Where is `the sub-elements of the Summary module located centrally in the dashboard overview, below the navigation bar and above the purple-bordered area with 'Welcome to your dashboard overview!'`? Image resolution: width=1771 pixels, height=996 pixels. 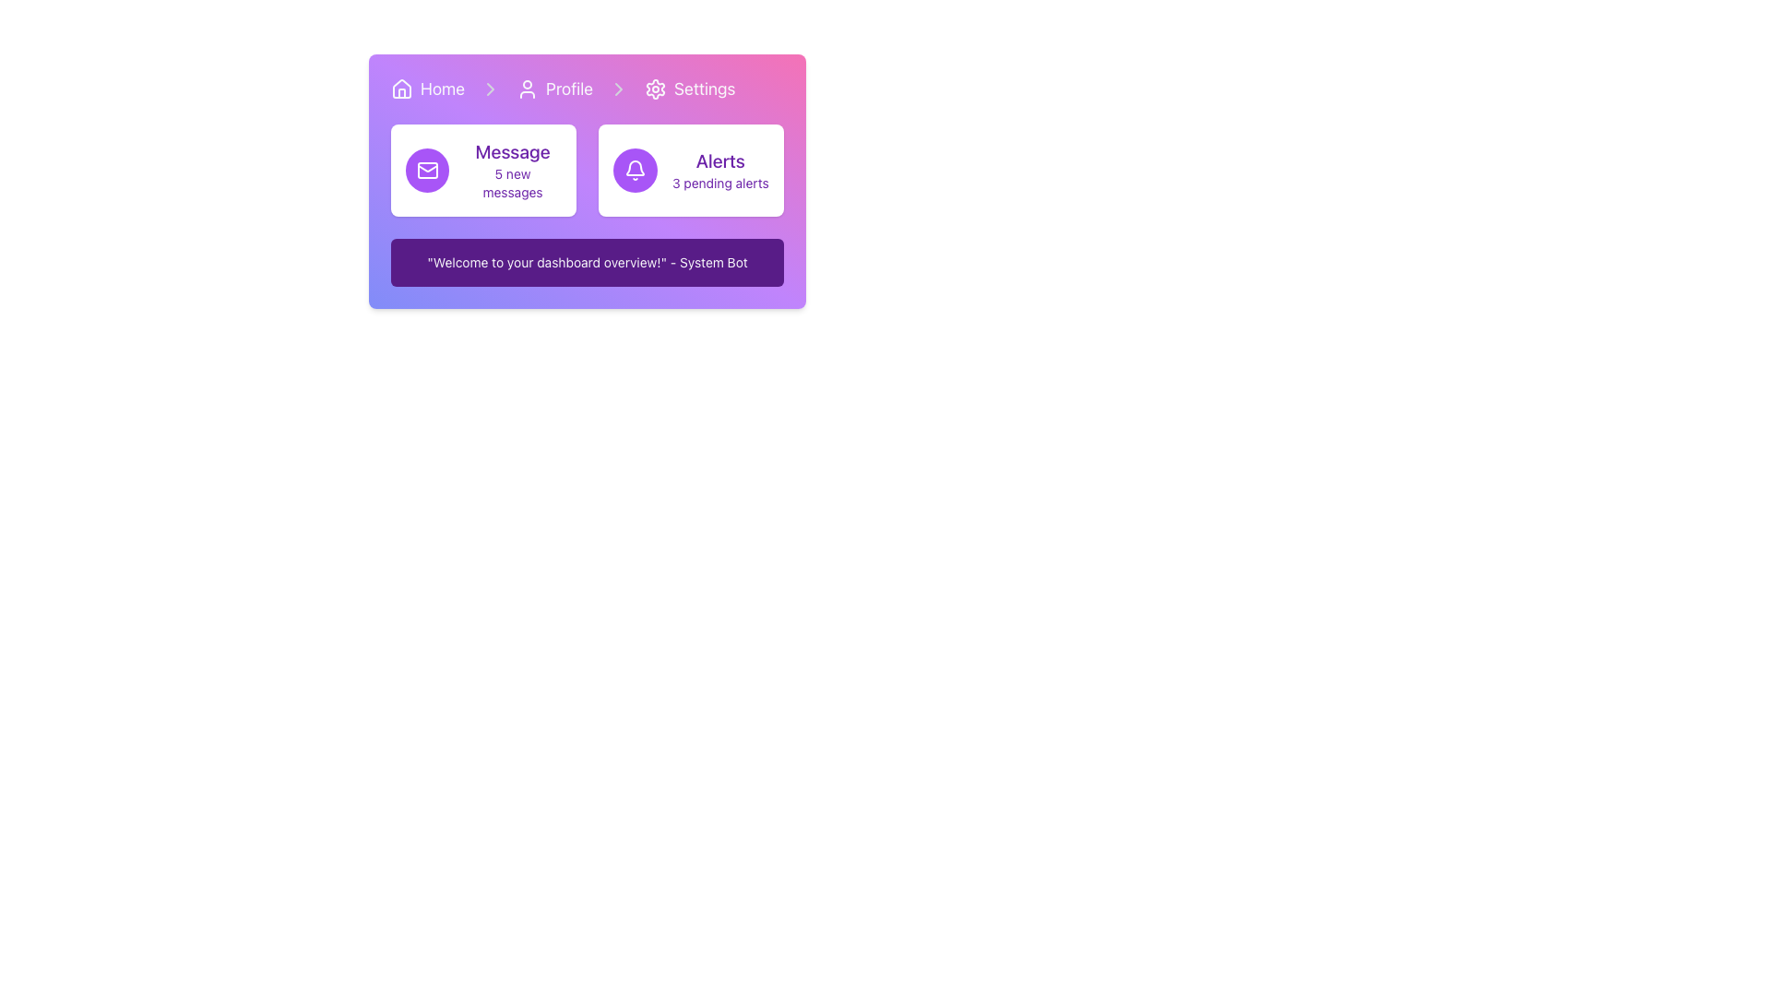
the sub-elements of the Summary module located centrally in the dashboard overview, below the navigation bar and above the purple-bordered area with 'Welcome to your dashboard overview!' is located at coordinates (587, 171).